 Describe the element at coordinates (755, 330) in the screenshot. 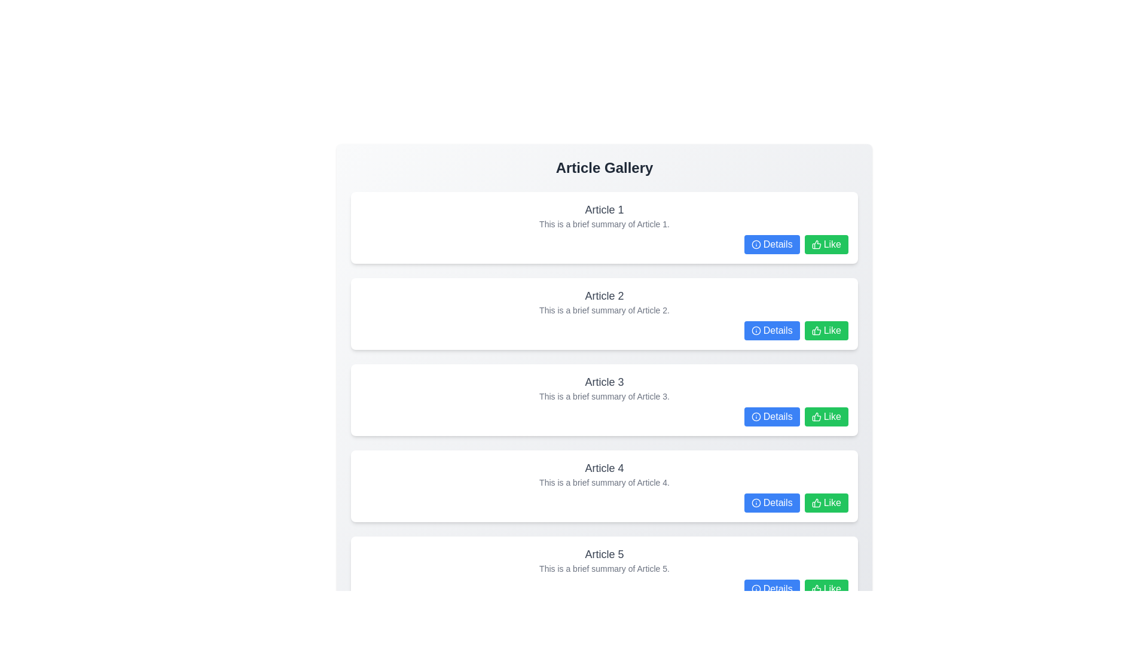

I see `the icon inside the 'Details' button located in the second row of the list, positioned to the left of the button's text` at that location.